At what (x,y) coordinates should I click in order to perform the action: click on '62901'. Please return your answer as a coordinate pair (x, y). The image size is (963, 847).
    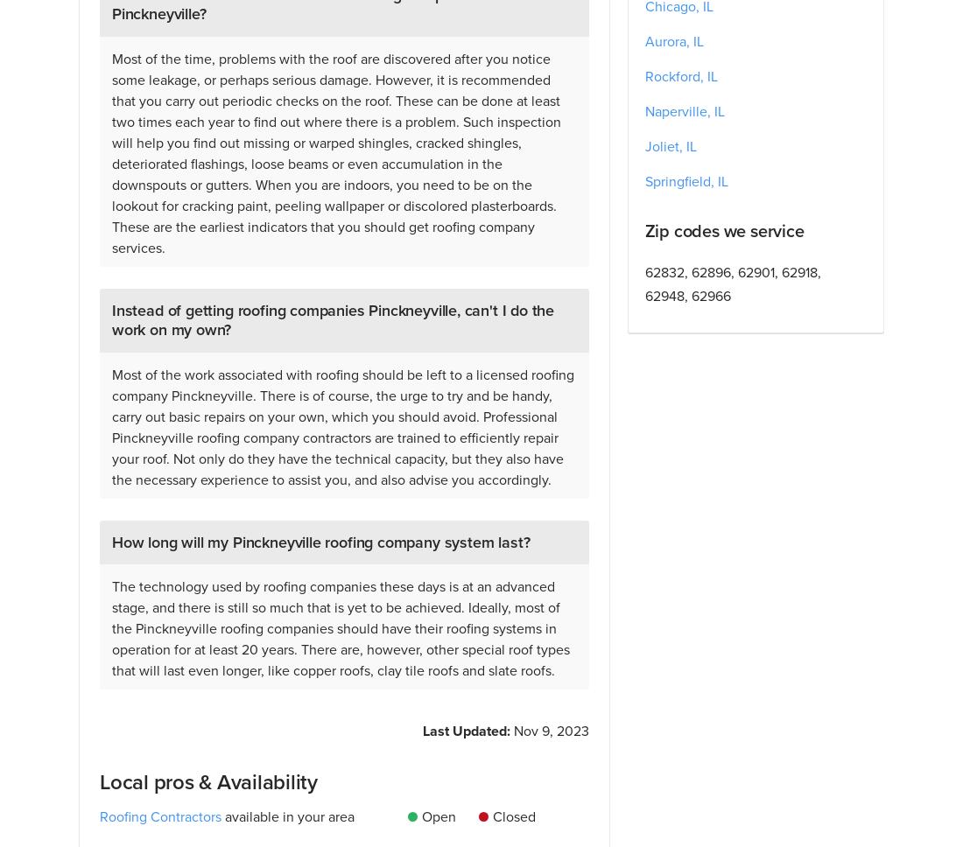
    Looking at the image, I should click on (754, 271).